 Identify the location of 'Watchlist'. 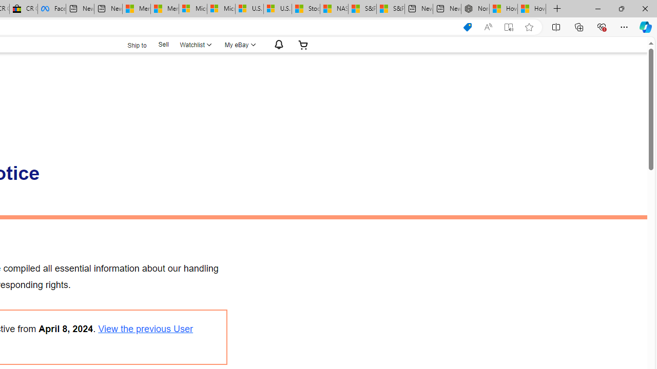
(195, 44).